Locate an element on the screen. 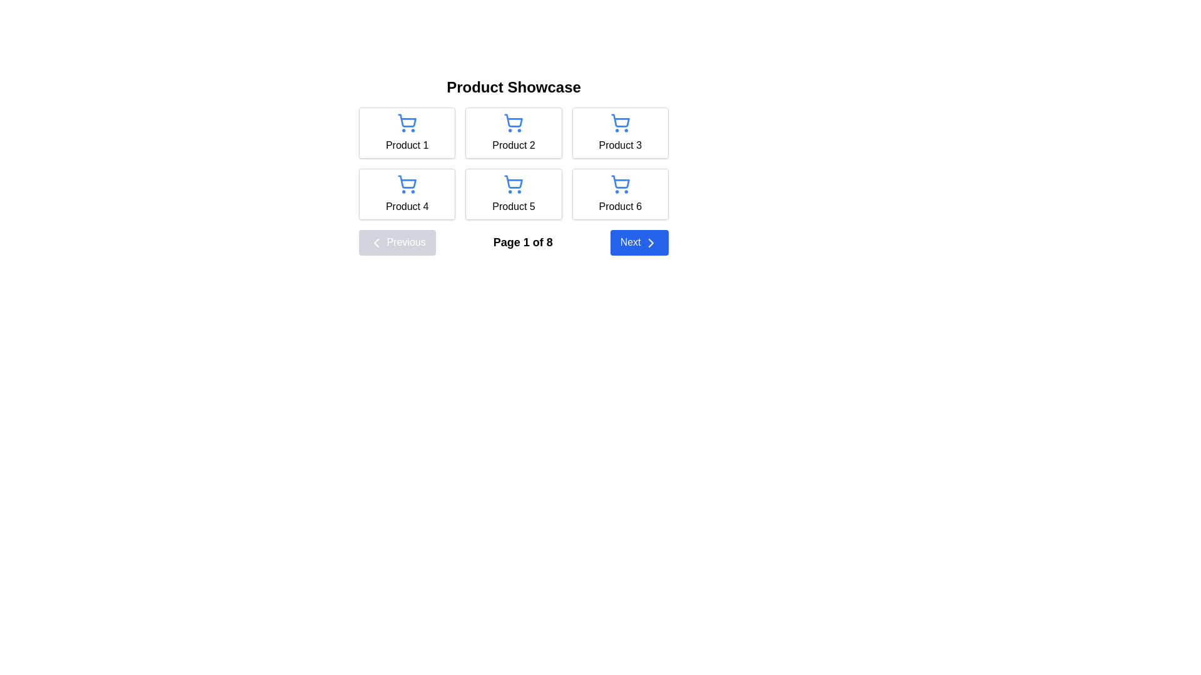 The image size is (1201, 675). the shopping cart icon, which is styled in blue and located within the button interface labeled 'Product 5' in the second row, middle column of the 'Product Showcase' section is located at coordinates (514, 182).